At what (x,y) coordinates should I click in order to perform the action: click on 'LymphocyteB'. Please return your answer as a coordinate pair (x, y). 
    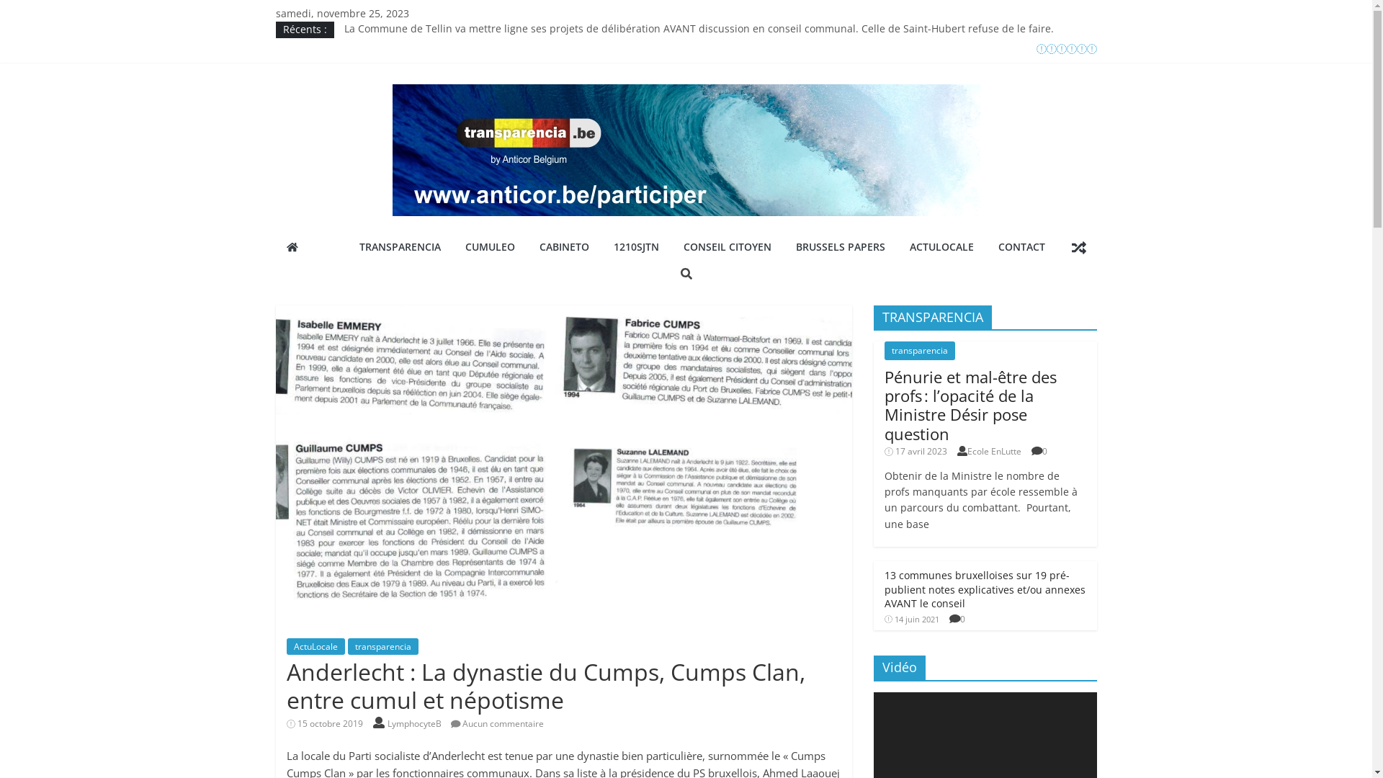
    Looking at the image, I should click on (414, 723).